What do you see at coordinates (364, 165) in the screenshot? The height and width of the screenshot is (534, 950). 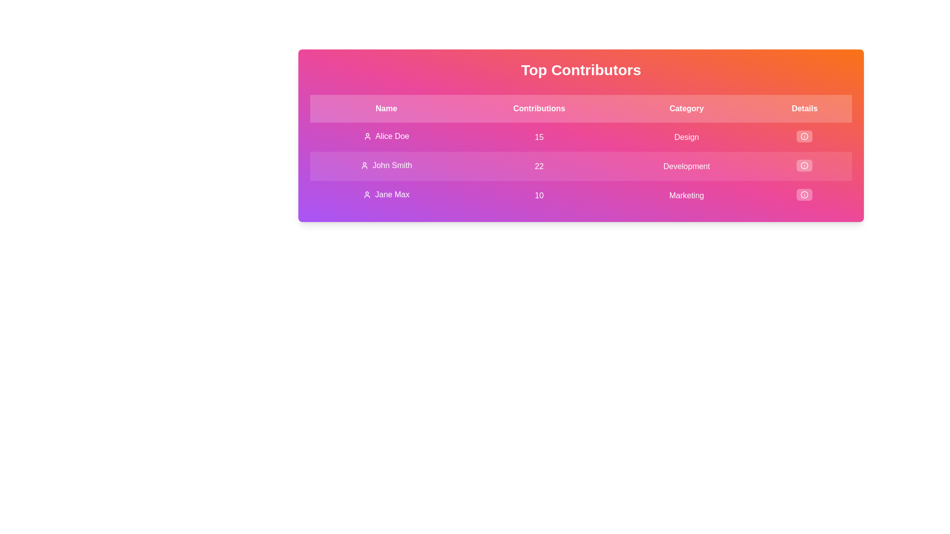 I see `the user icon representing John Smith in the second row of the Top Contributors table` at bounding box center [364, 165].